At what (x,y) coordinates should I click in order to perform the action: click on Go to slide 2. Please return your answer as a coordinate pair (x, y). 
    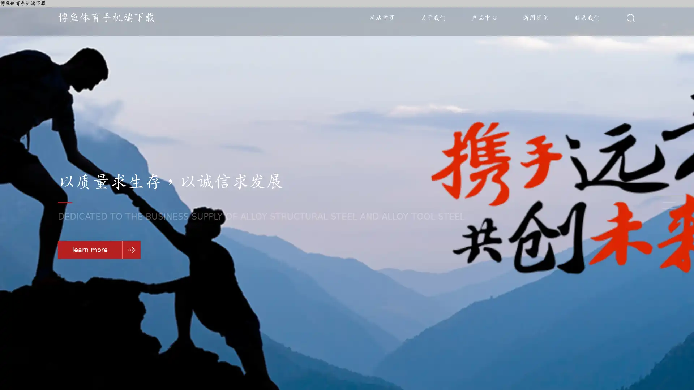
    Looking at the image, I should click on (668, 202).